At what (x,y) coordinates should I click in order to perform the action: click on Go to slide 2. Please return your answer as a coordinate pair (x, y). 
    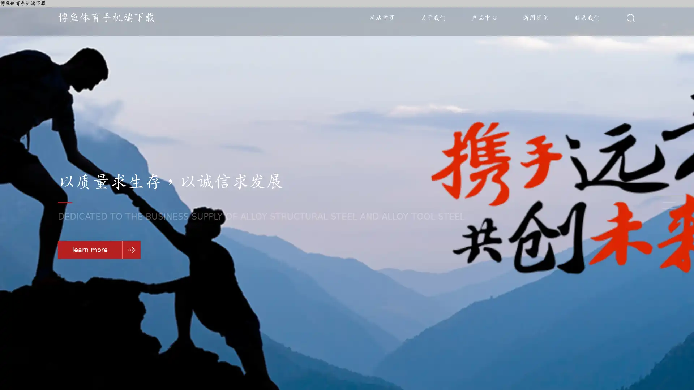
    Looking at the image, I should click on (668, 202).